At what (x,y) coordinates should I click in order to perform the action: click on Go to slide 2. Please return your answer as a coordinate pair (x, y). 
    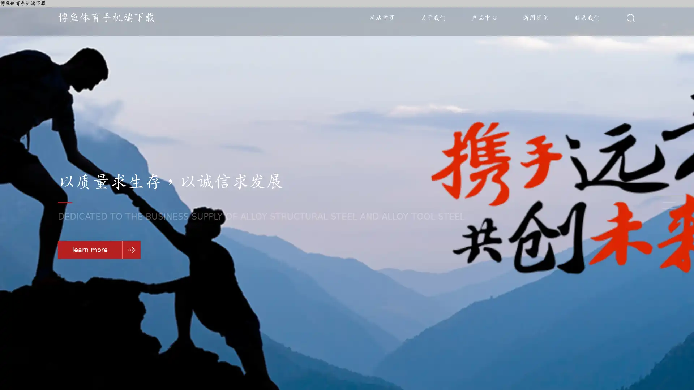
    Looking at the image, I should click on (668, 202).